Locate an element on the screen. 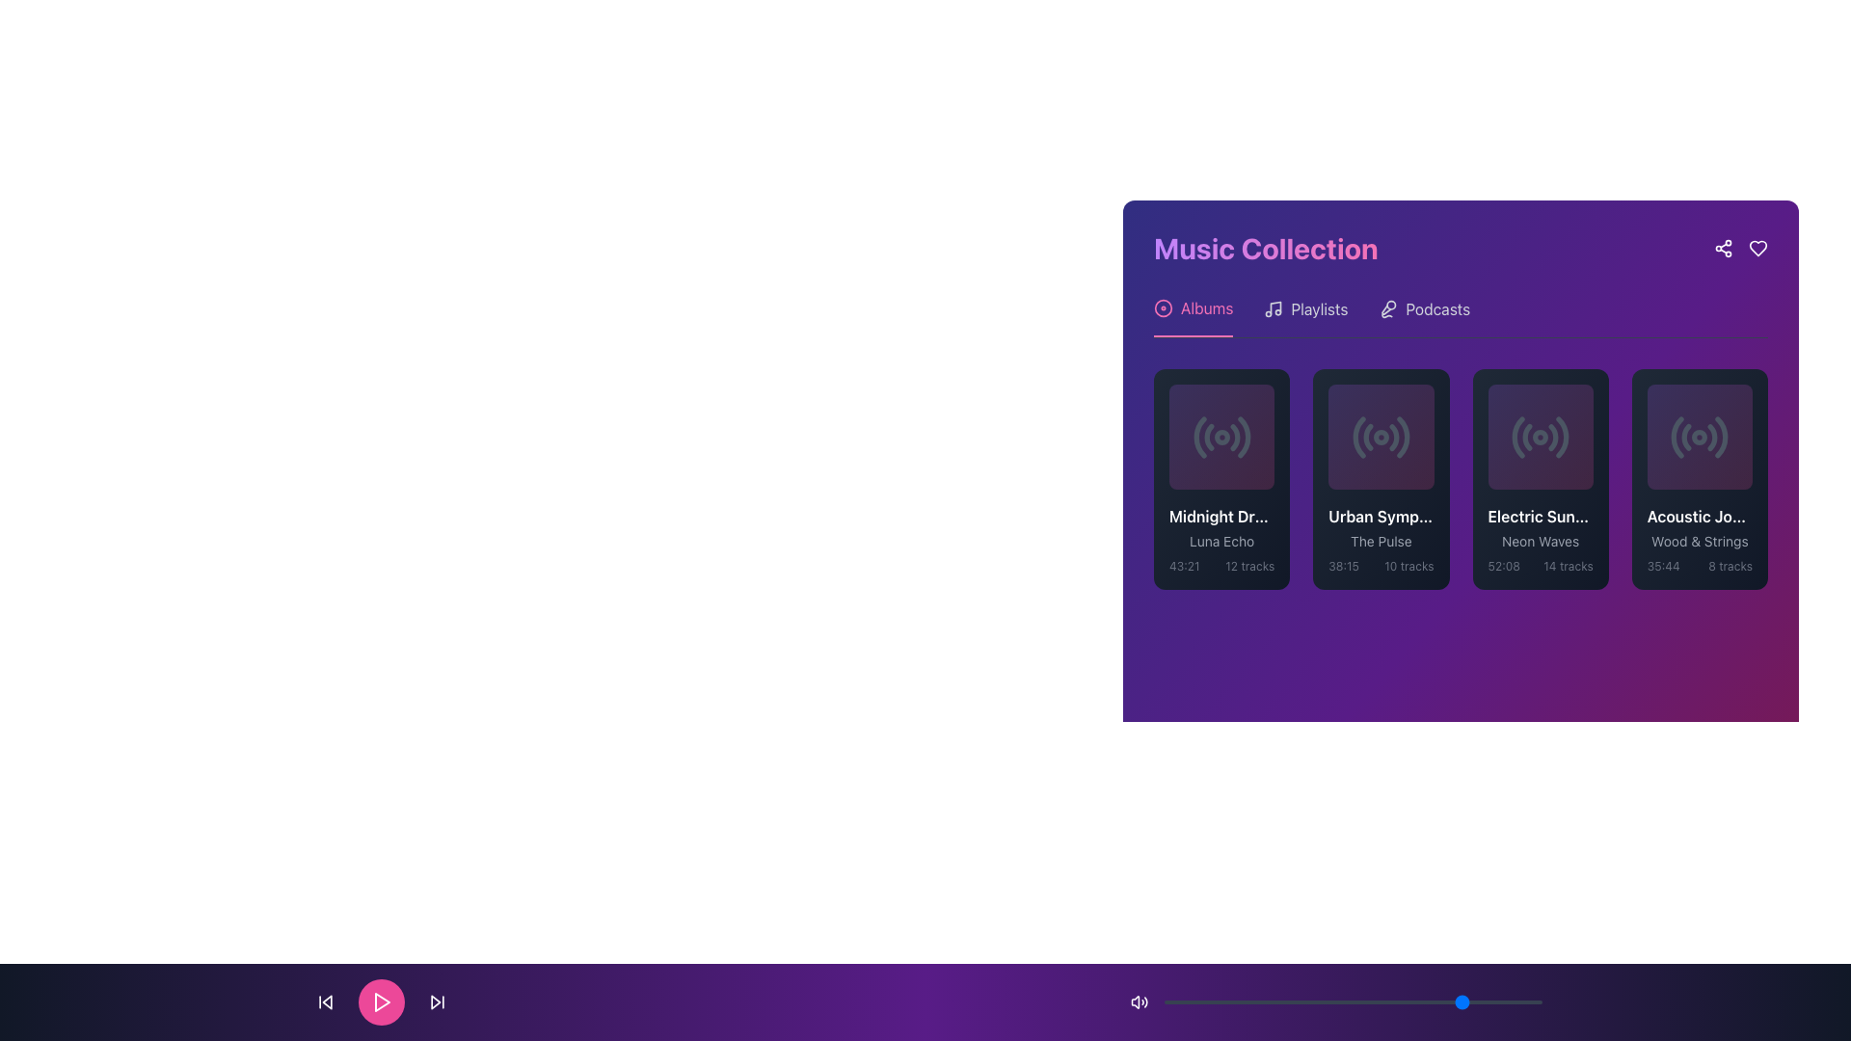 The width and height of the screenshot is (1851, 1041). the slider value is located at coordinates (1300, 1001).